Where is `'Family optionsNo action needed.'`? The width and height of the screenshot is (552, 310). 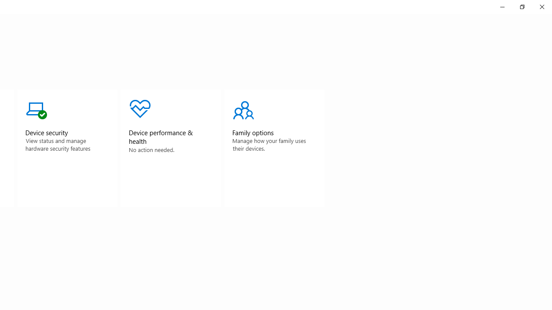 'Family optionsNo action needed.' is located at coordinates (274, 148).